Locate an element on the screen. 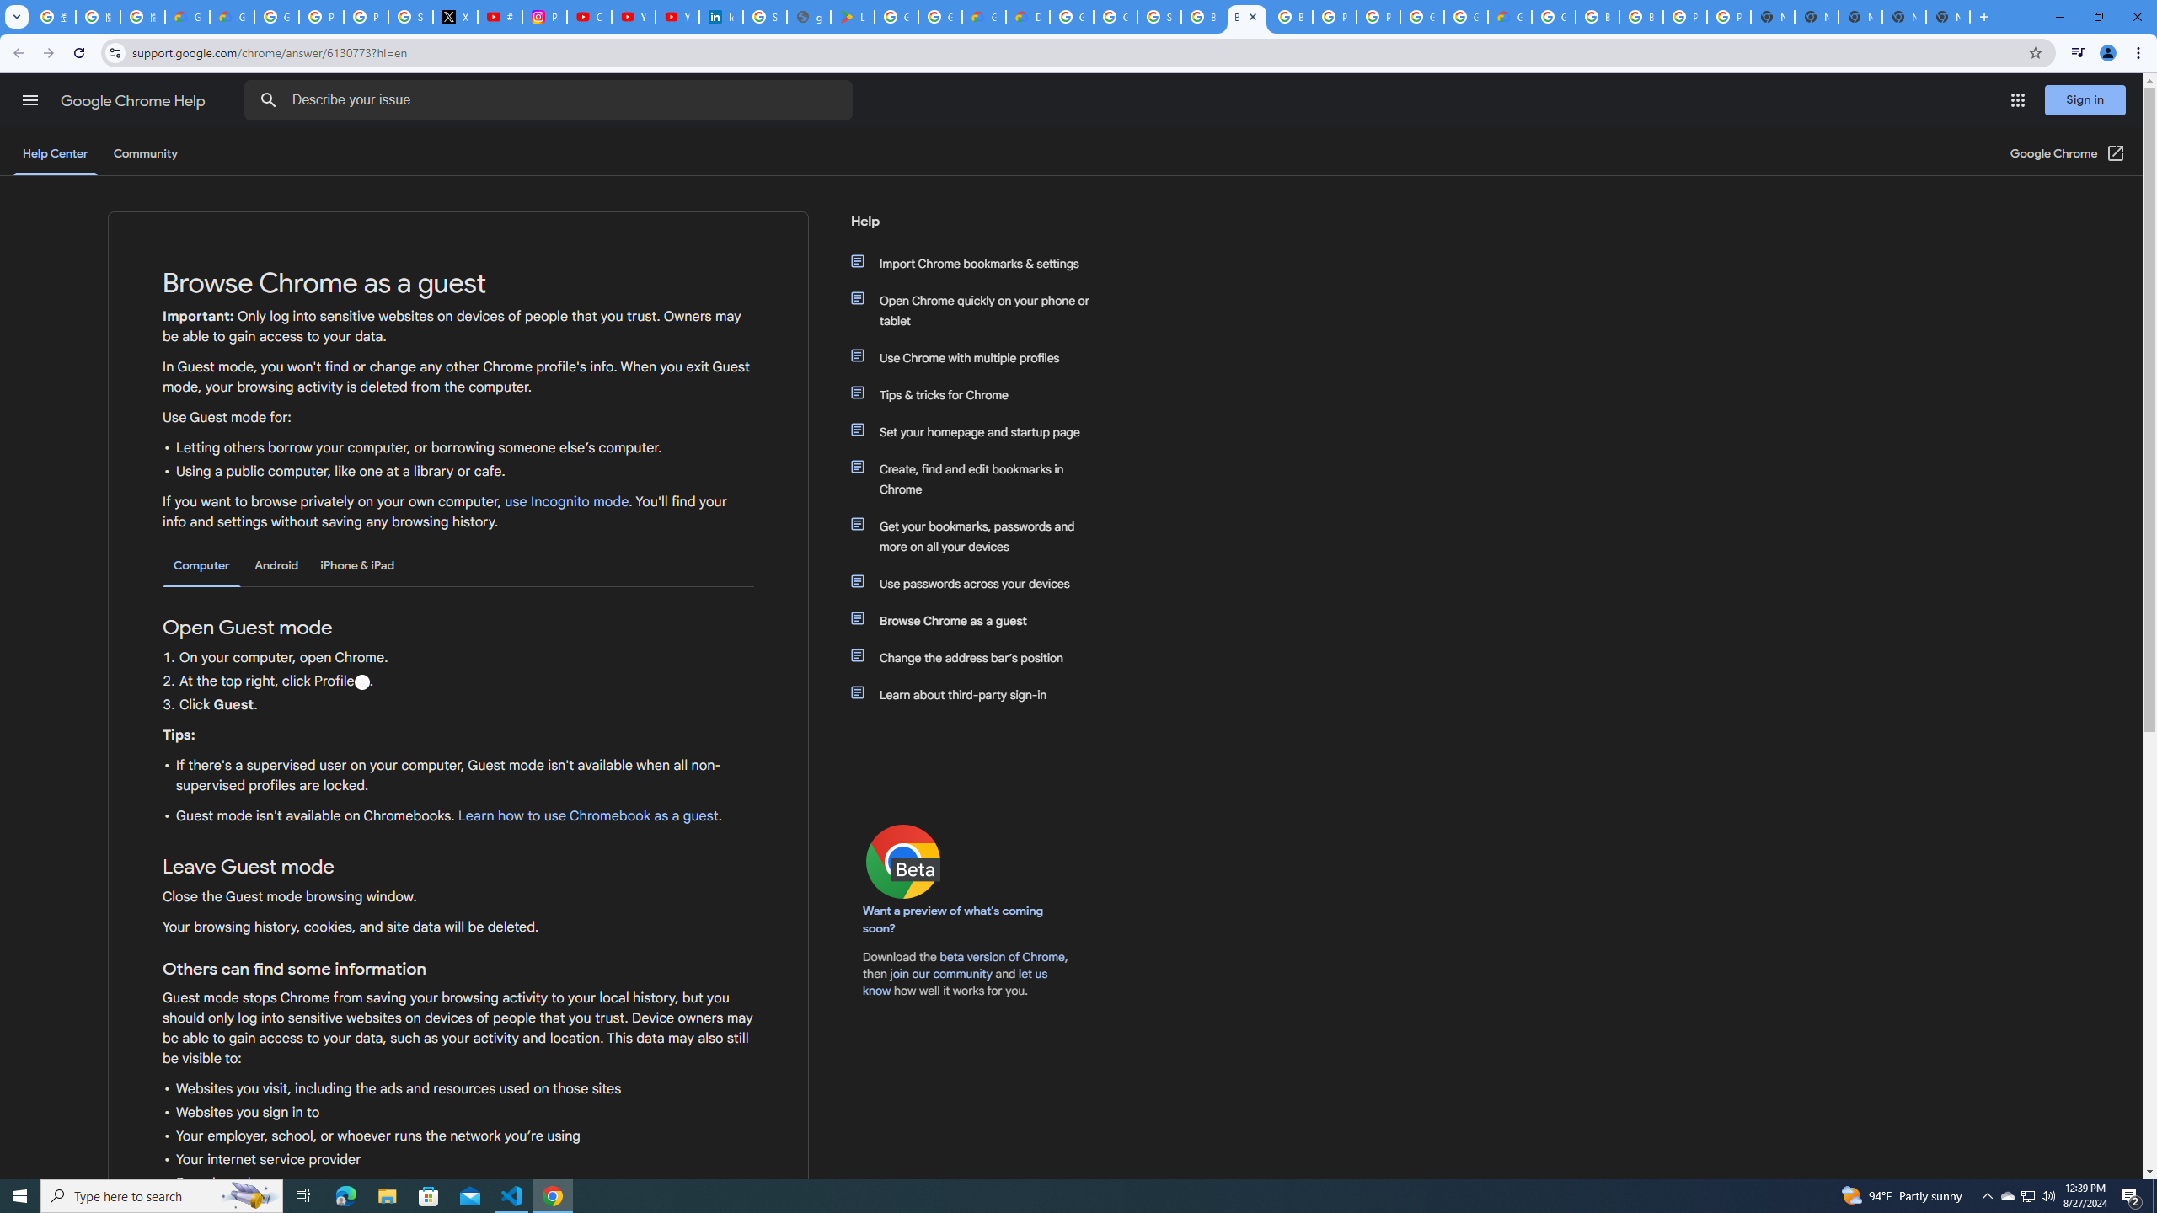 This screenshot has width=2157, height=1213. 'New Tab' is located at coordinates (1947, 16).